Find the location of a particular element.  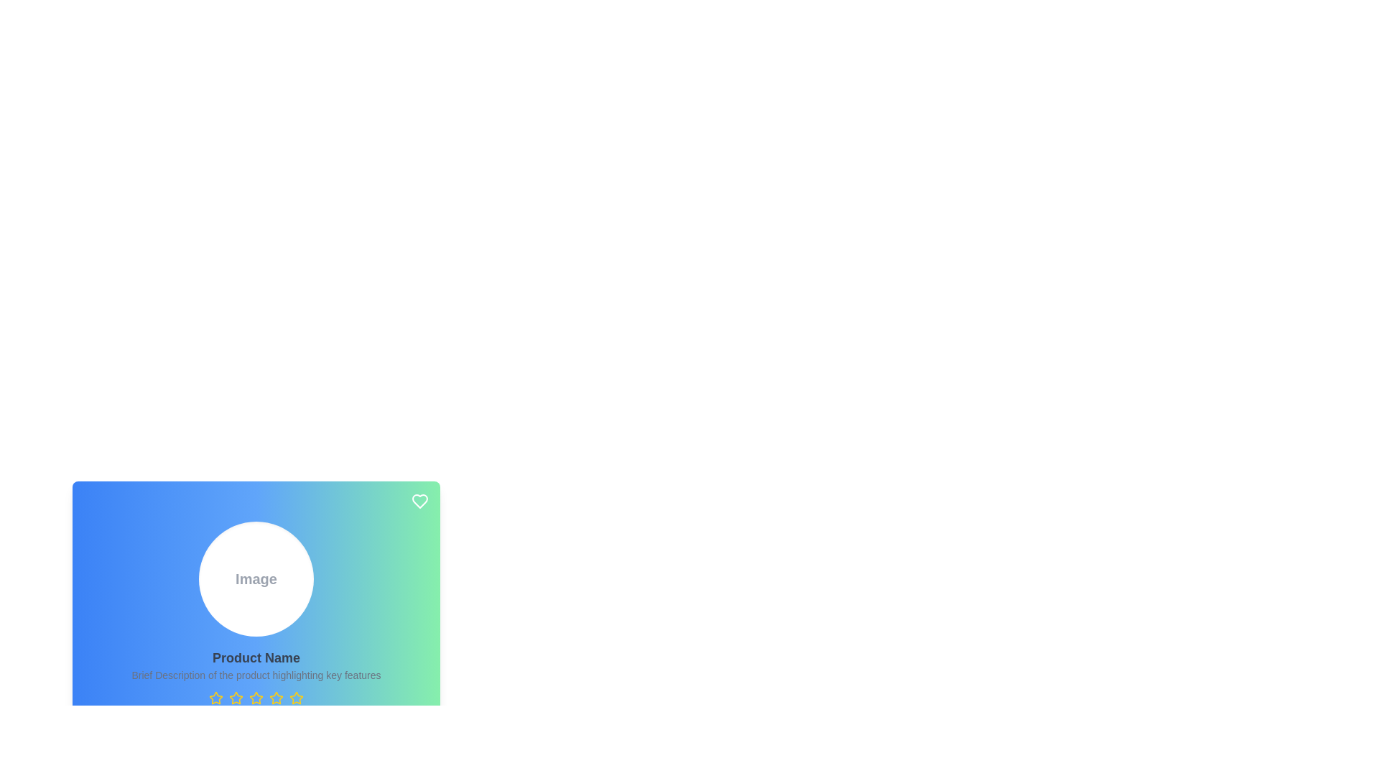

the fifth star-shaped icon used for ratings, which is the last in a series of five identical star icons at the bottom of a product card with a gradient background is located at coordinates (295, 698).